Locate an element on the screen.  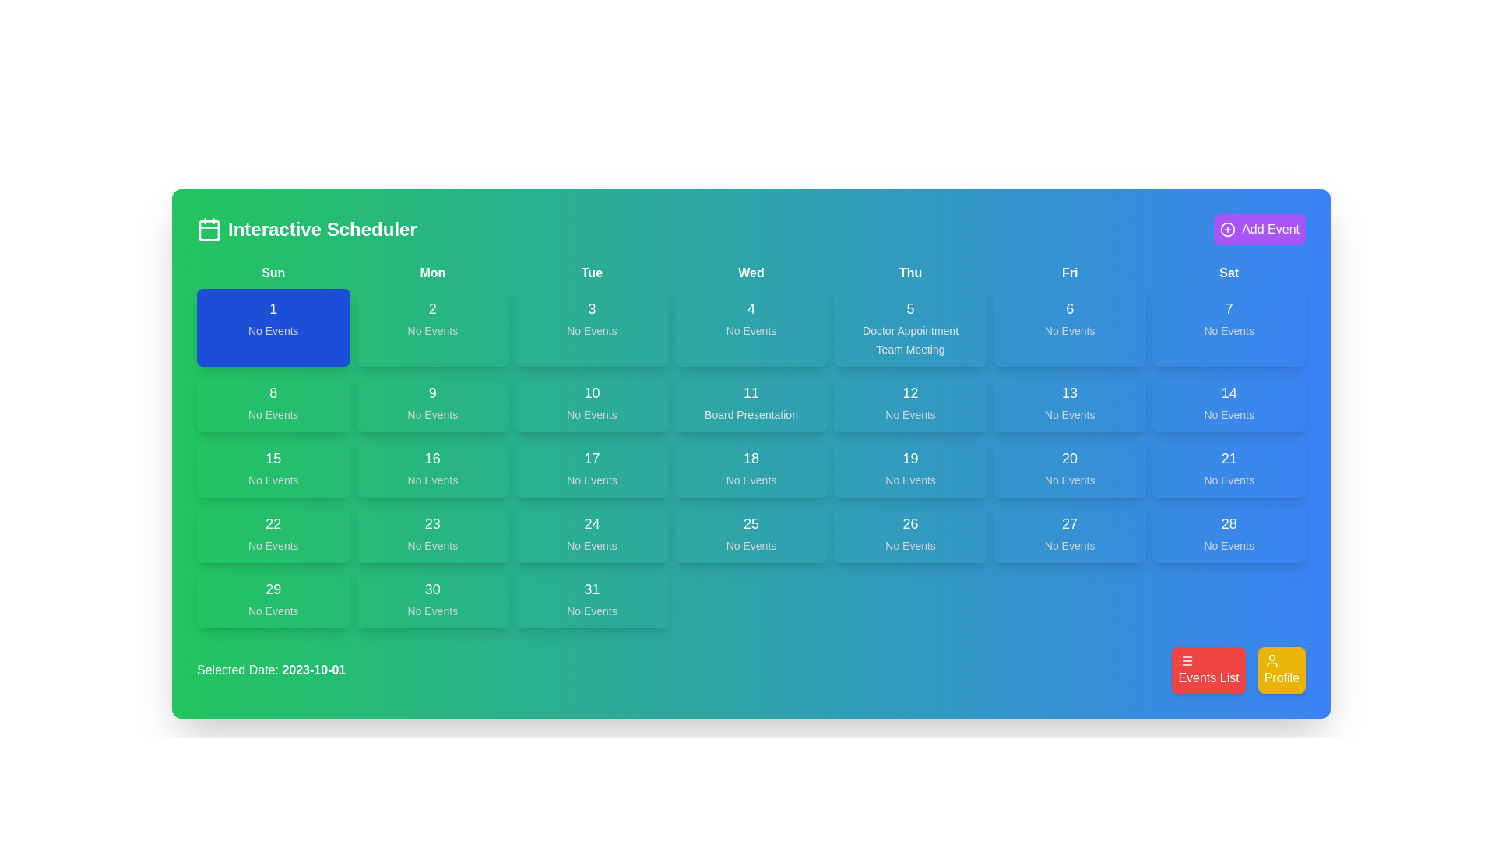
the static label indicating the day number '19' in the Thursday column of the weekly calendar grid is located at coordinates (910, 458).